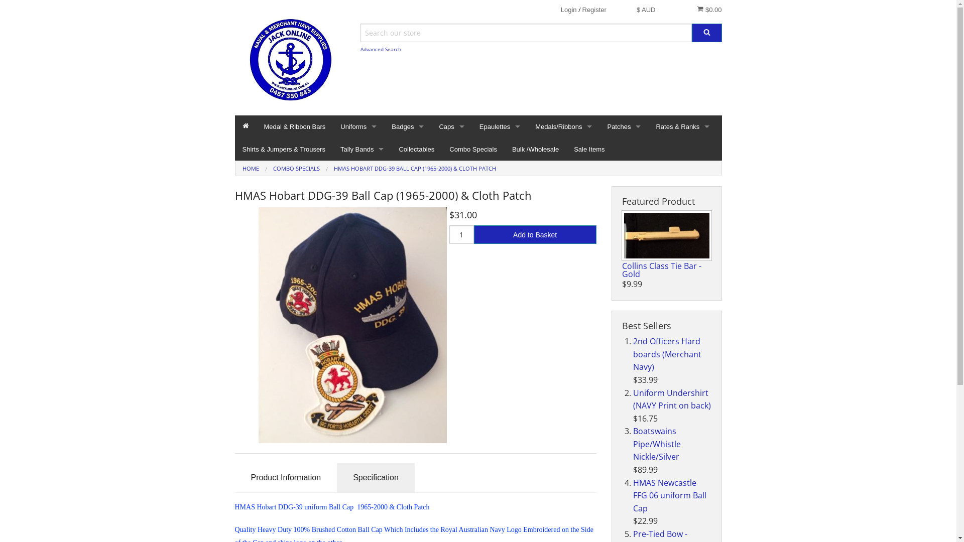  I want to click on 'Shirts & Jumpers & Trousers', so click(283, 149).